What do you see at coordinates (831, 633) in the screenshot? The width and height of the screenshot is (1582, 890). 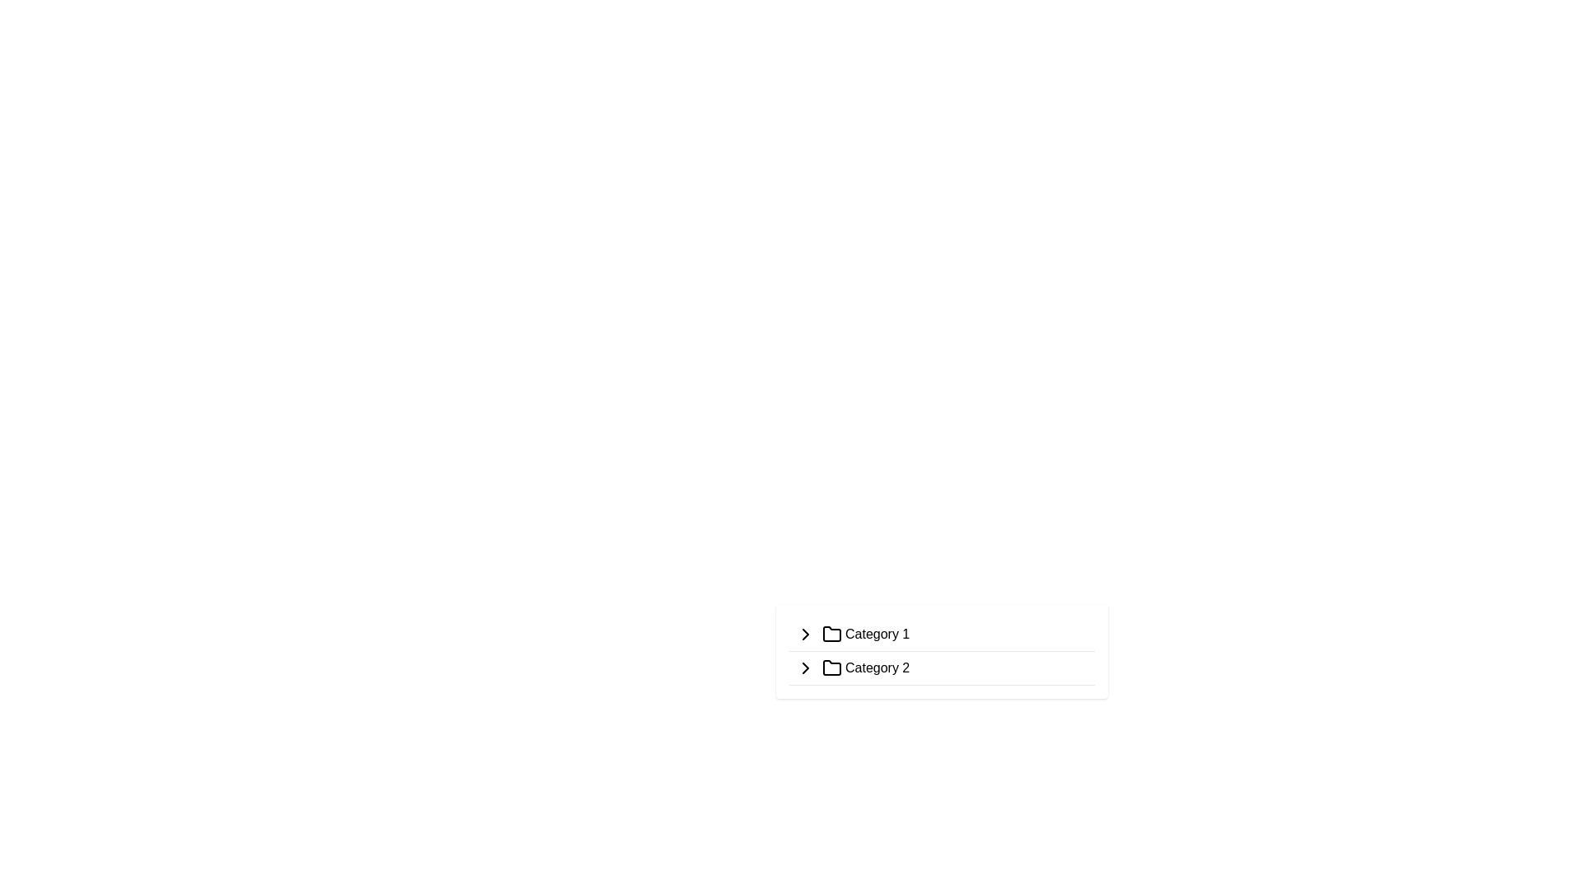 I see `the folder icon located in the top left corner of the 'Category 1' section` at bounding box center [831, 633].